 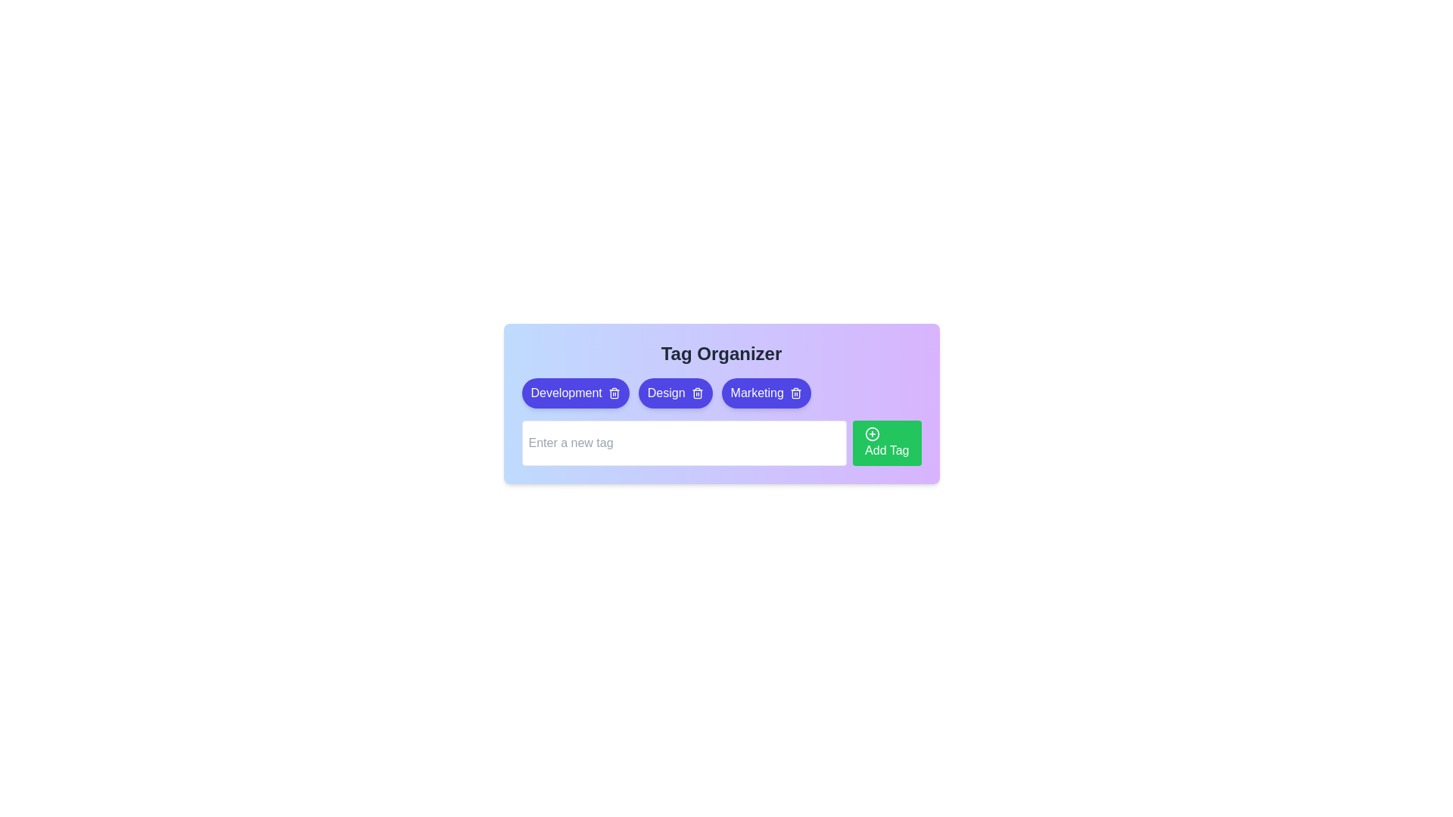 I want to click on the delete icon button located to the right of the 'Marketing' text label, so click(x=795, y=393).